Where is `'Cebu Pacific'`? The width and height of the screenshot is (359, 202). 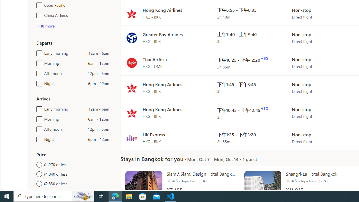 'Cebu Pacific' is located at coordinates (38, 4).